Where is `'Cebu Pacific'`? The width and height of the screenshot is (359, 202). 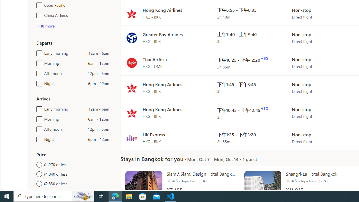 'Cebu Pacific' is located at coordinates (38, 4).